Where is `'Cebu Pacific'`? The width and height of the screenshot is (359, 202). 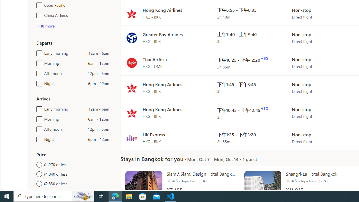 'Cebu Pacific' is located at coordinates (38, 4).